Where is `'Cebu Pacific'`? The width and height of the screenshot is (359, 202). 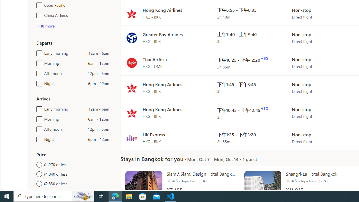 'Cebu Pacific' is located at coordinates (38, 4).